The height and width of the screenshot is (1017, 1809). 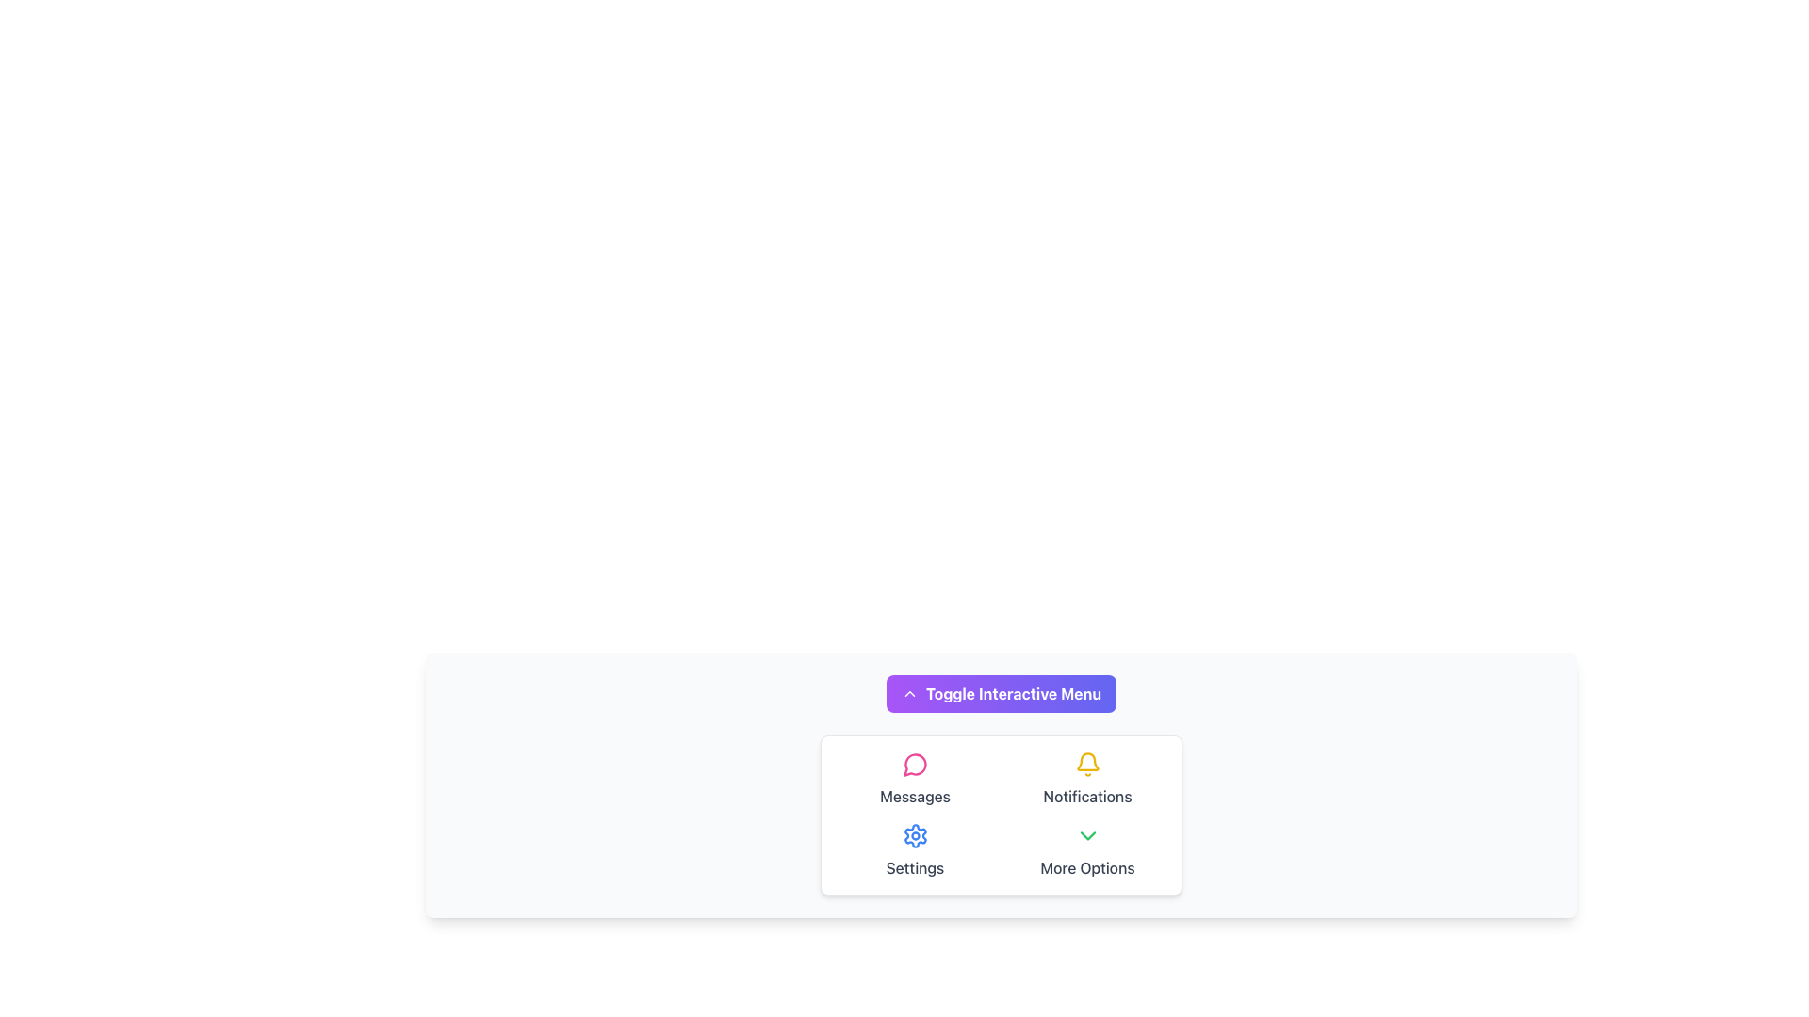 I want to click on the main body of the bell icon within the notification area, which is the larger graphical representation among its siblings, so click(x=1087, y=761).